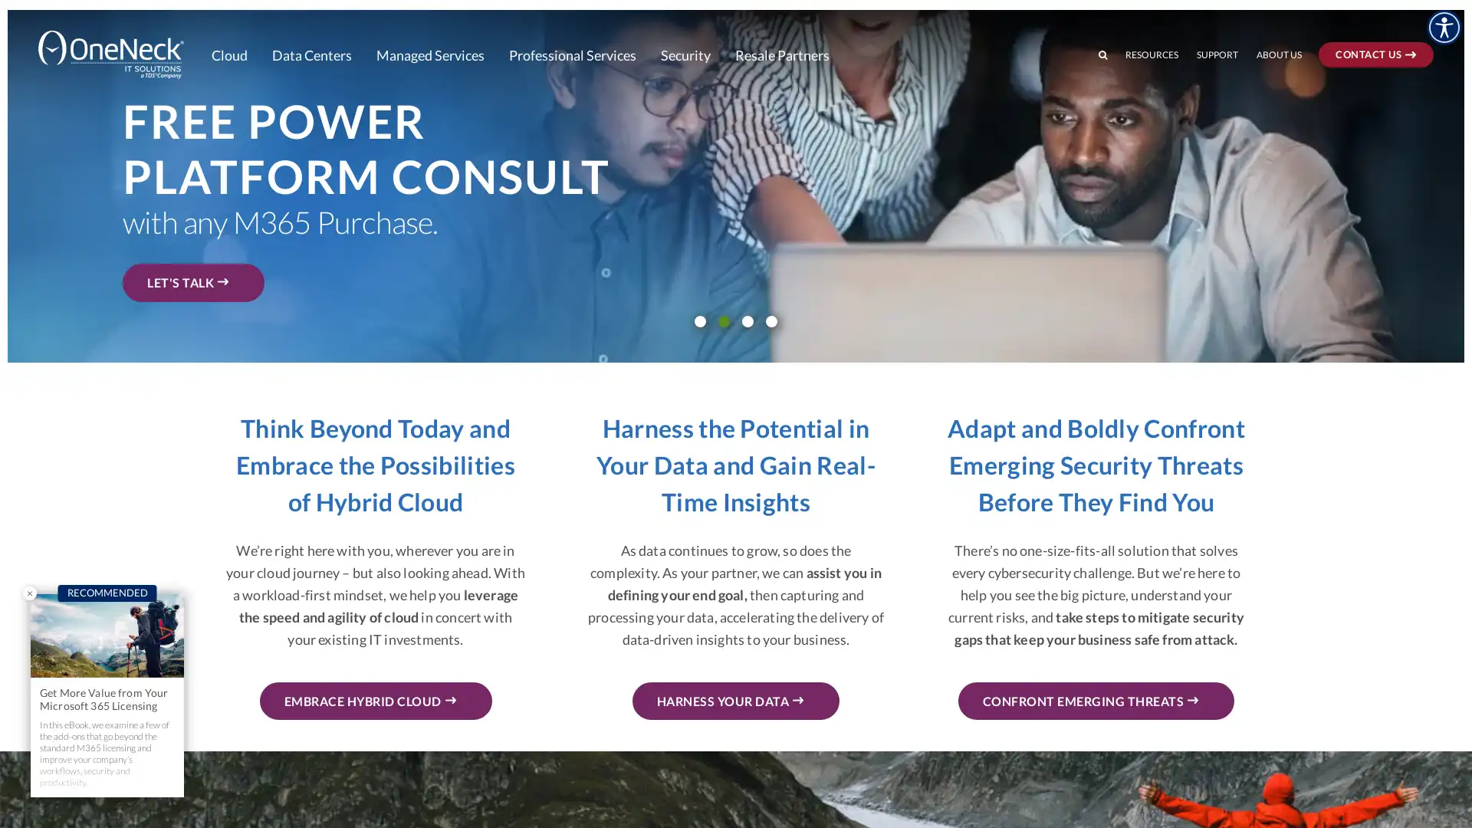 The height and width of the screenshot is (828, 1472). What do you see at coordinates (375, 701) in the screenshot?
I see `EMBRACE HYBRID CLOUD` at bounding box center [375, 701].